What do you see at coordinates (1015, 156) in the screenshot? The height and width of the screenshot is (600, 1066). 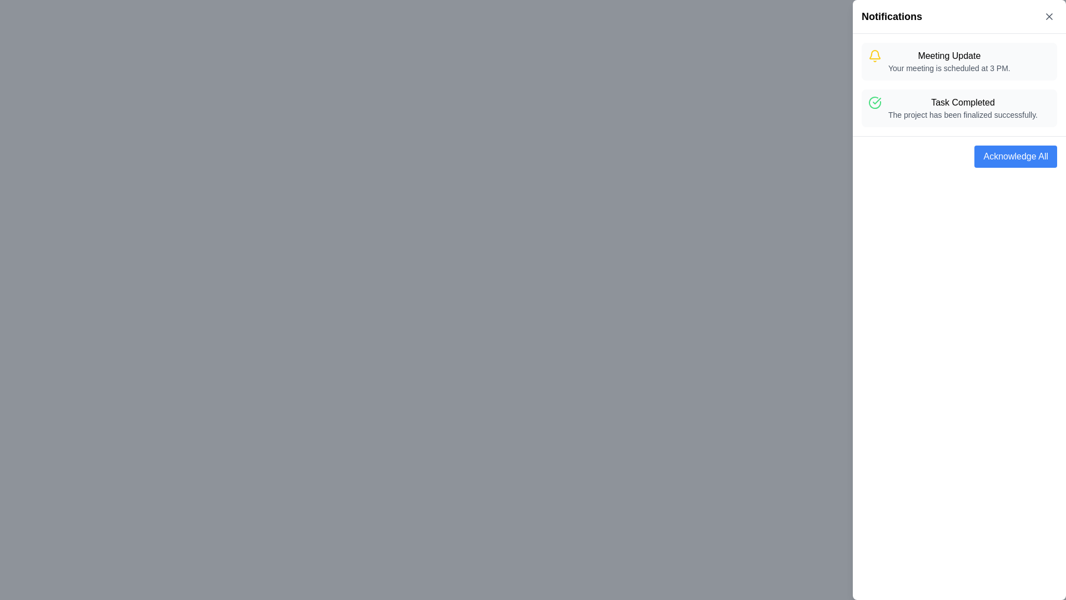 I see `keyboard navigation` at bounding box center [1015, 156].